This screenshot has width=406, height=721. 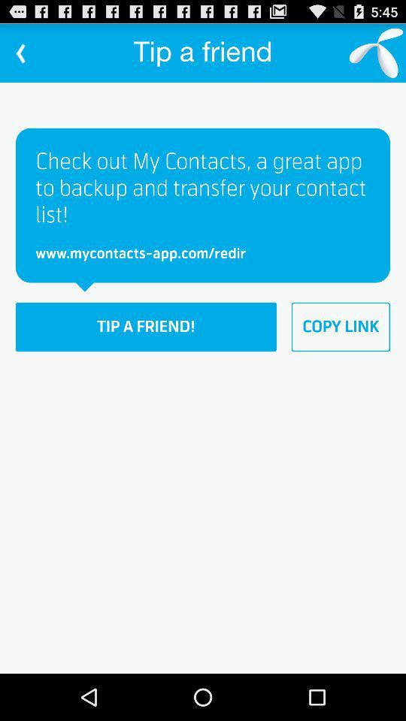 What do you see at coordinates (341, 327) in the screenshot?
I see `icon on the right` at bounding box center [341, 327].